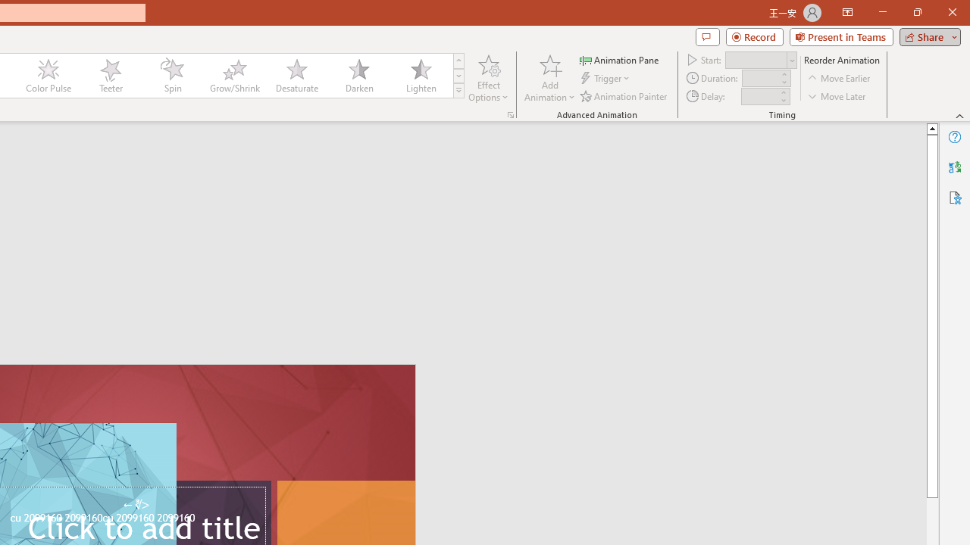 This screenshot has height=545, width=970. Describe the element at coordinates (783, 92) in the screenshot. I see `'More'` at that location.